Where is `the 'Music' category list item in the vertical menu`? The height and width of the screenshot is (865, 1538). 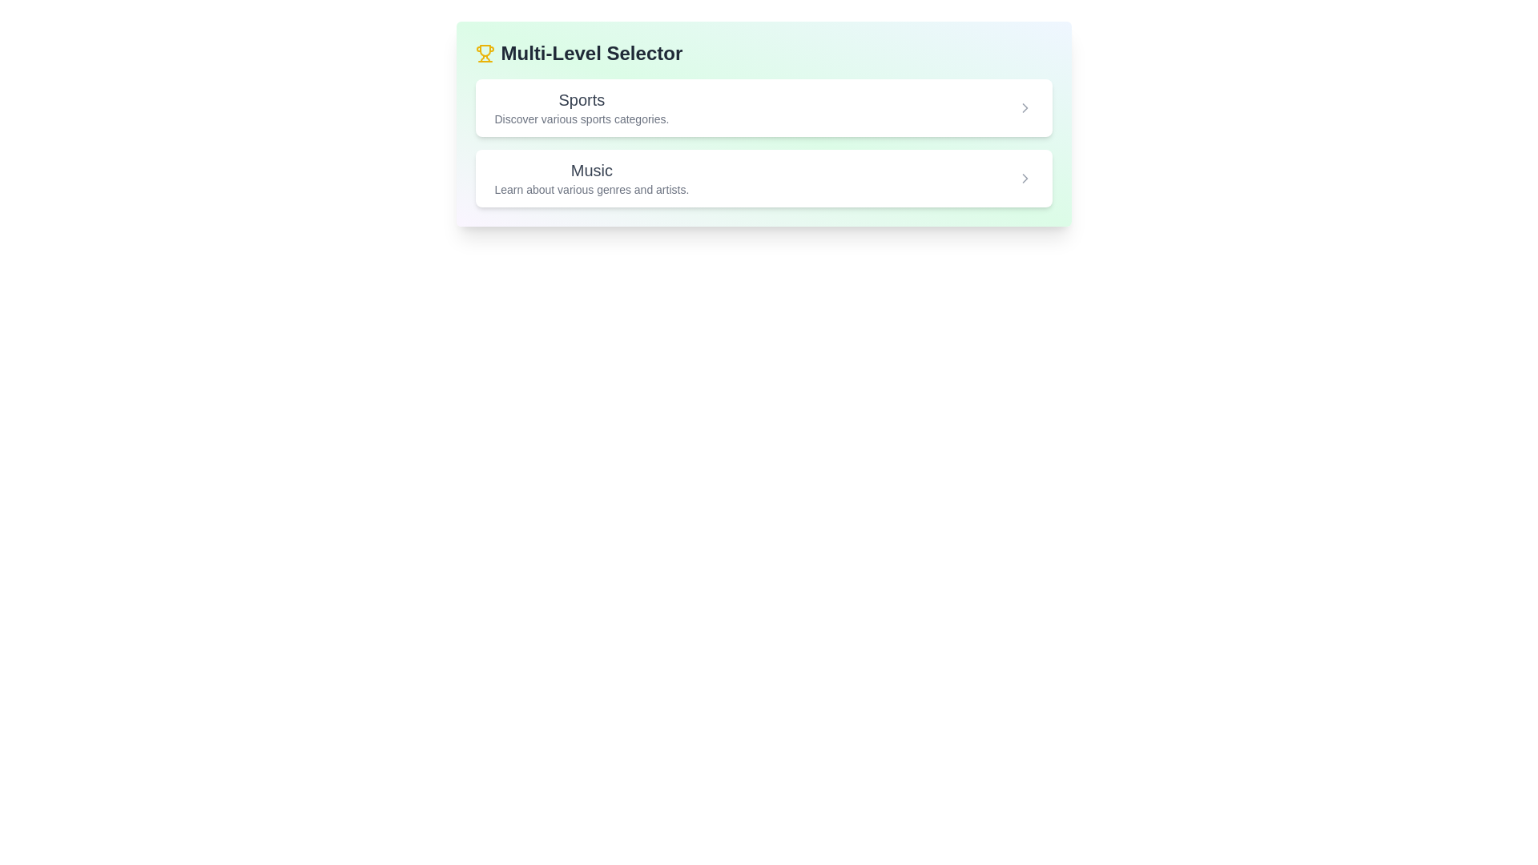
the 'Music' category list item in the vertical menu is located at coordinates (763, 179).